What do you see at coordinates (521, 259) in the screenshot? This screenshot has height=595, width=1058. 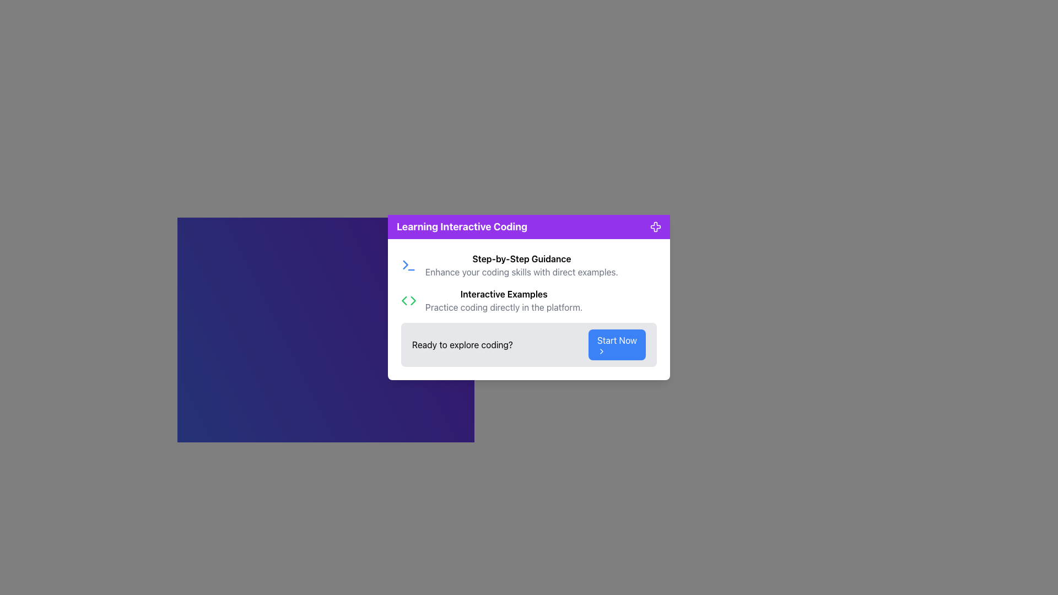 I see `the Text Label that serves as a heading or title in the white card section under the purple header 'Learning Interactive Coding'` at bounding box center [521, 259].